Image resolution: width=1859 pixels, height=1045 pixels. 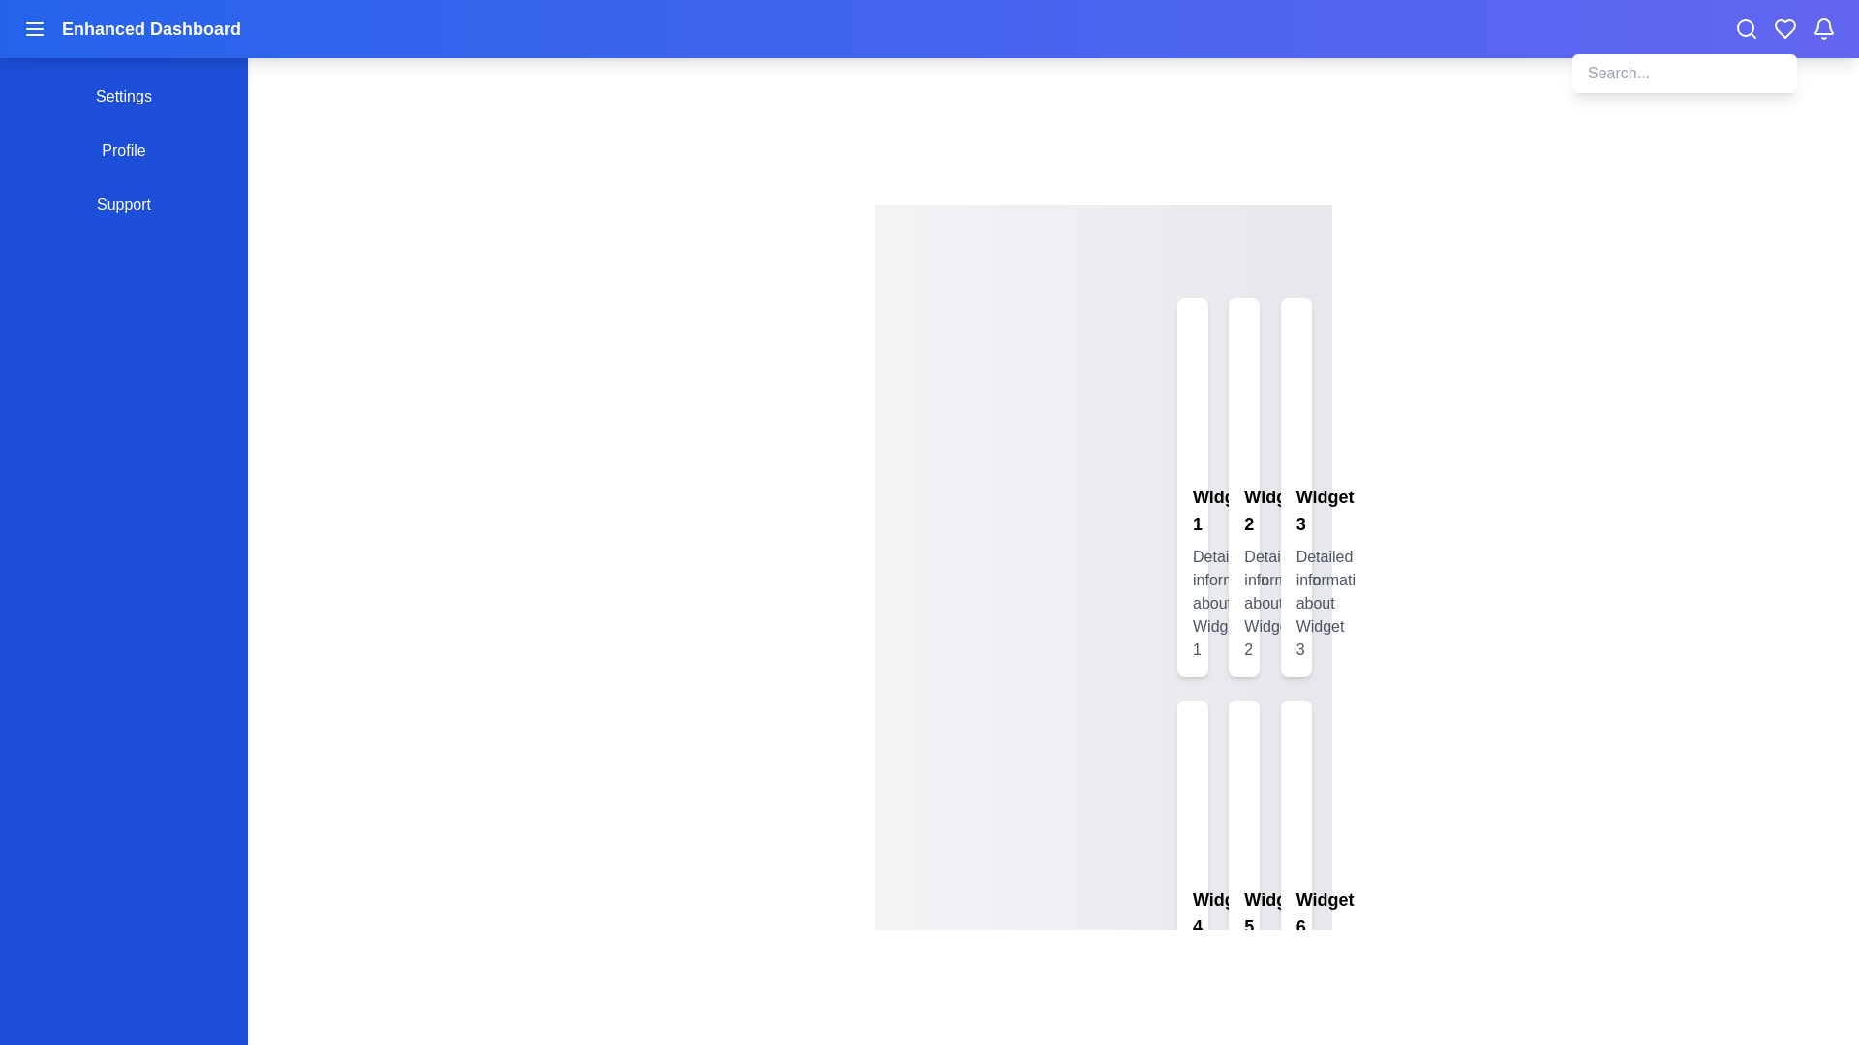 I want to click on the magnifying glass icon located at the top-right corner of the navigation bar, so click(x=1747, y=29).